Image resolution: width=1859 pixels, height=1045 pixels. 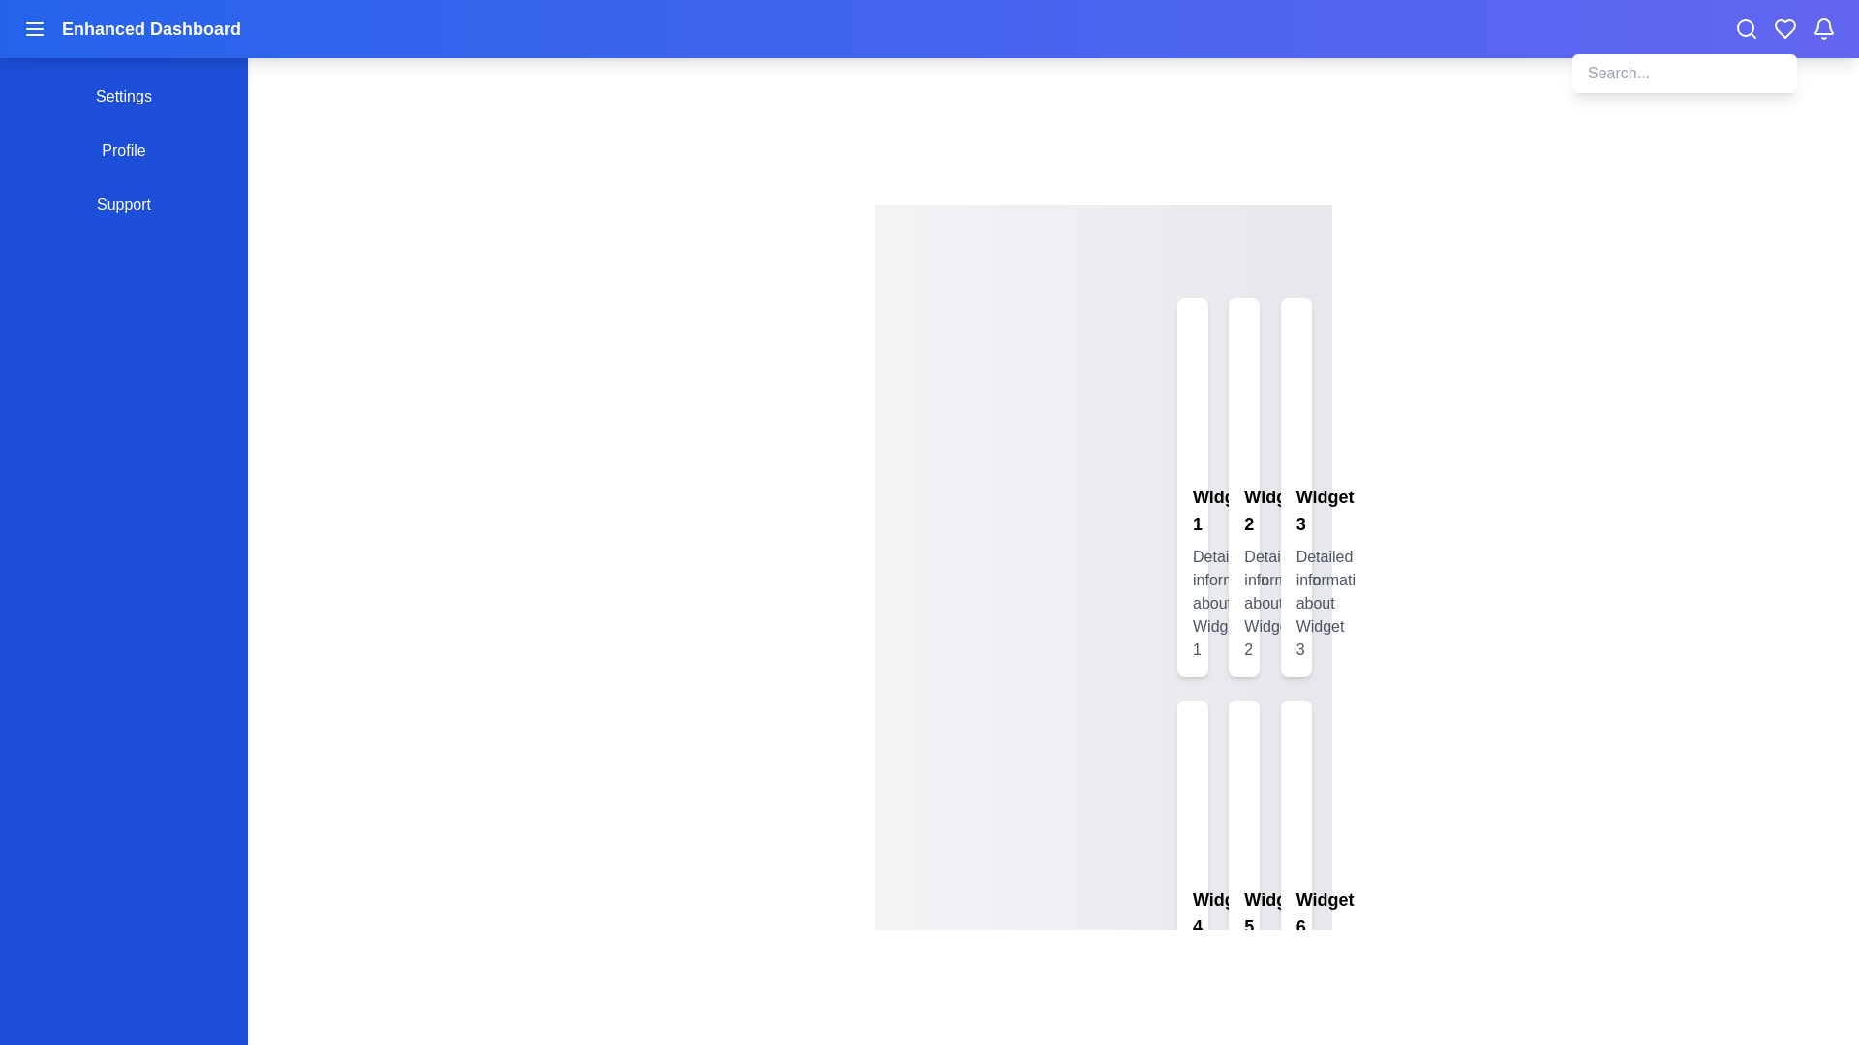 I want to click on the magnifying glass icon located at the top-right corner of the navigation bar, so click(x=1747, y=29).